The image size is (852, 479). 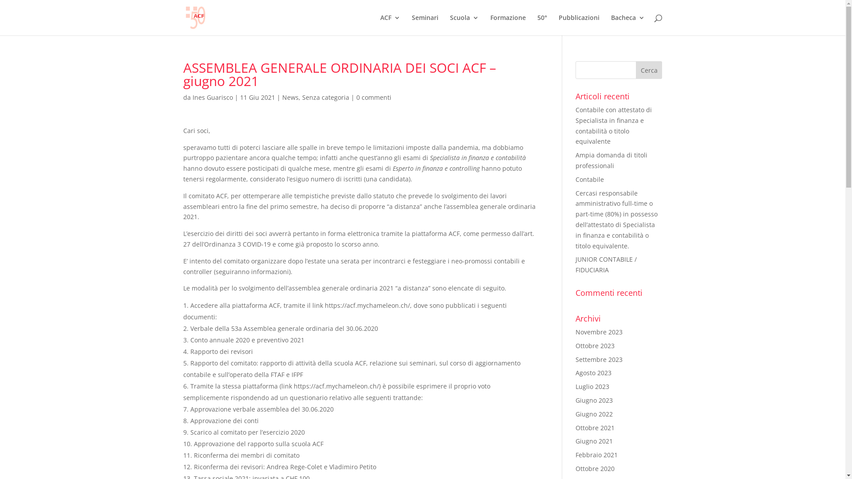 What do you see at coordinates (489, 24) in the screenshot?
I see `'Formazione'` at bounding box center [489, 24].